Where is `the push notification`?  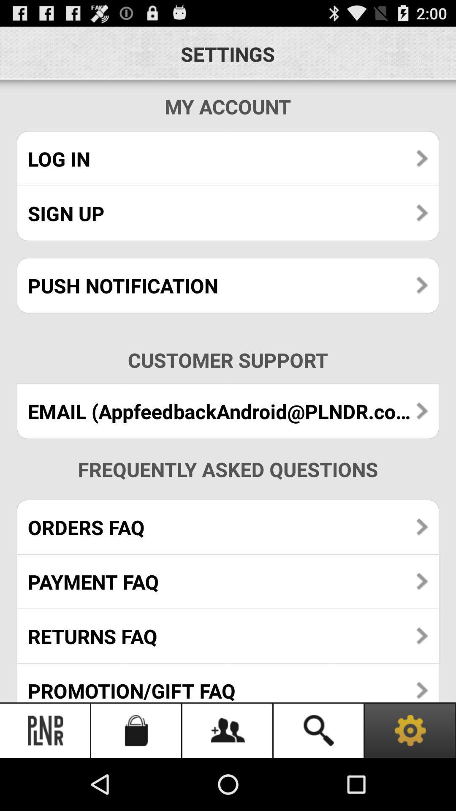 the push notification is located at coordinates (228, 286).